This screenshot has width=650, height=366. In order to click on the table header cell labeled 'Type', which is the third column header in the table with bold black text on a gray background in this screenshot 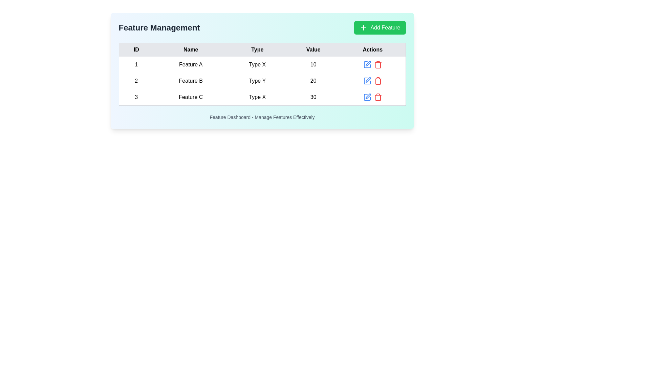, I will do `click(257, 49)`.